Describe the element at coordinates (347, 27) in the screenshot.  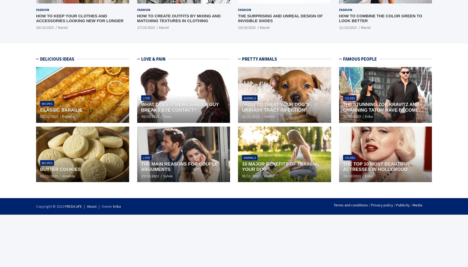
I see `'21/10/2023'` at that location.